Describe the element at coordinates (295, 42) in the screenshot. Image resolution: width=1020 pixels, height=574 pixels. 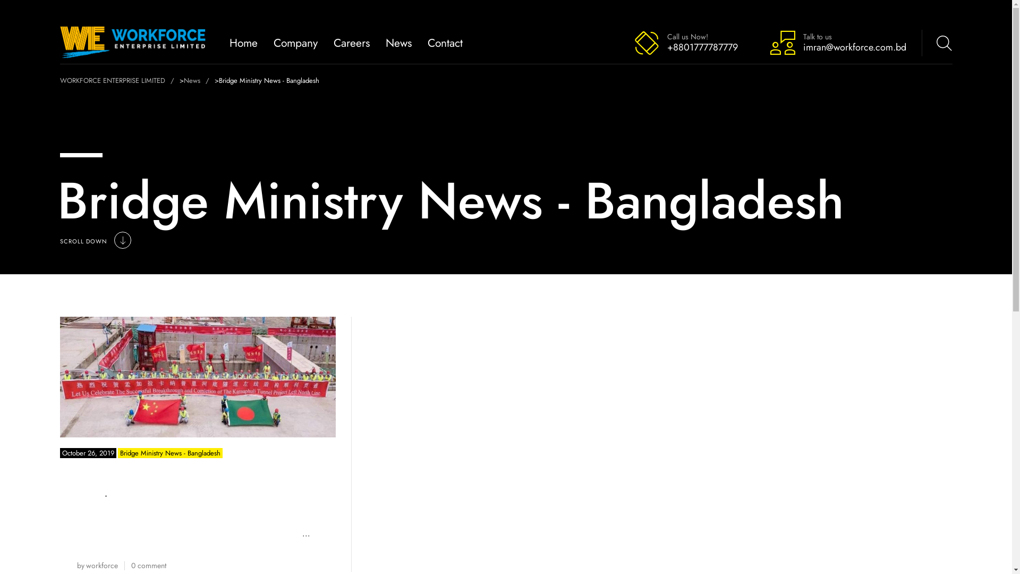
I see `'Company'` at that location.